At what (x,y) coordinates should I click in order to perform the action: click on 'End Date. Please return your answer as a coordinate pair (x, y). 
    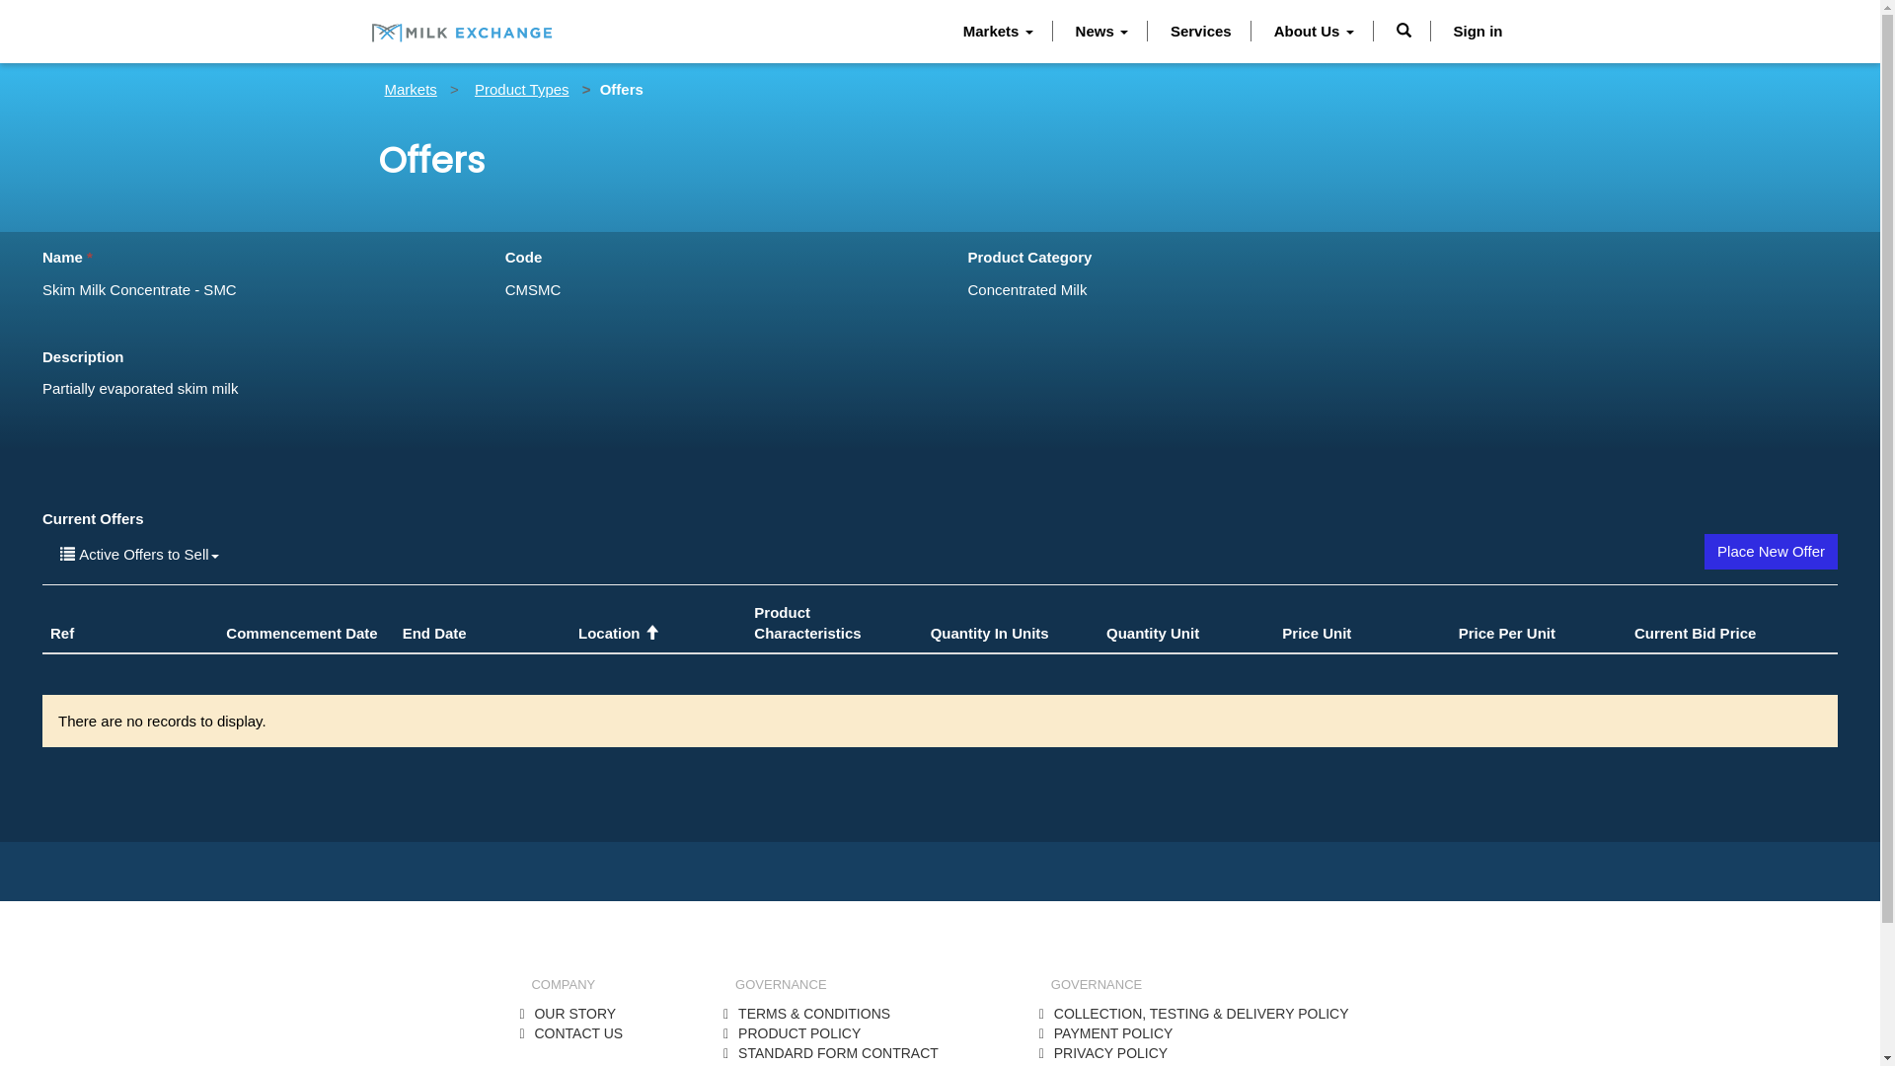
    Looking at the image, I should click on (433, 633).